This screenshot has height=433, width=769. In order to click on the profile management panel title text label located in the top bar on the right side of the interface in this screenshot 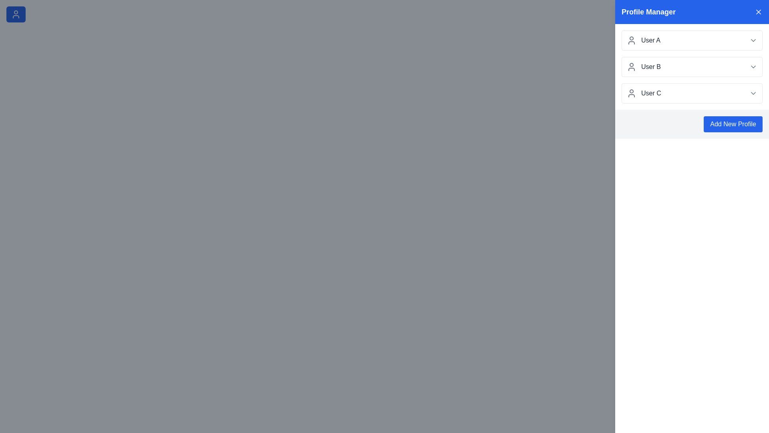, I will do `click(648, 12)`.